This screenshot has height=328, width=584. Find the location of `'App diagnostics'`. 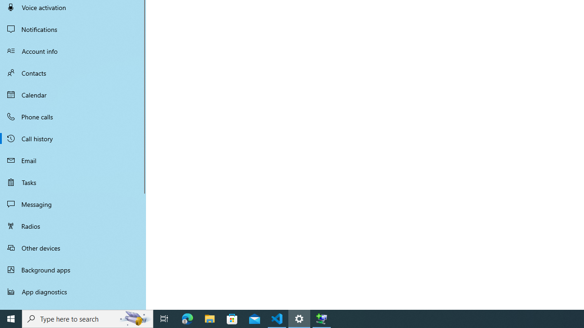

'App diagnostics' is located at coordinates (73, 292).